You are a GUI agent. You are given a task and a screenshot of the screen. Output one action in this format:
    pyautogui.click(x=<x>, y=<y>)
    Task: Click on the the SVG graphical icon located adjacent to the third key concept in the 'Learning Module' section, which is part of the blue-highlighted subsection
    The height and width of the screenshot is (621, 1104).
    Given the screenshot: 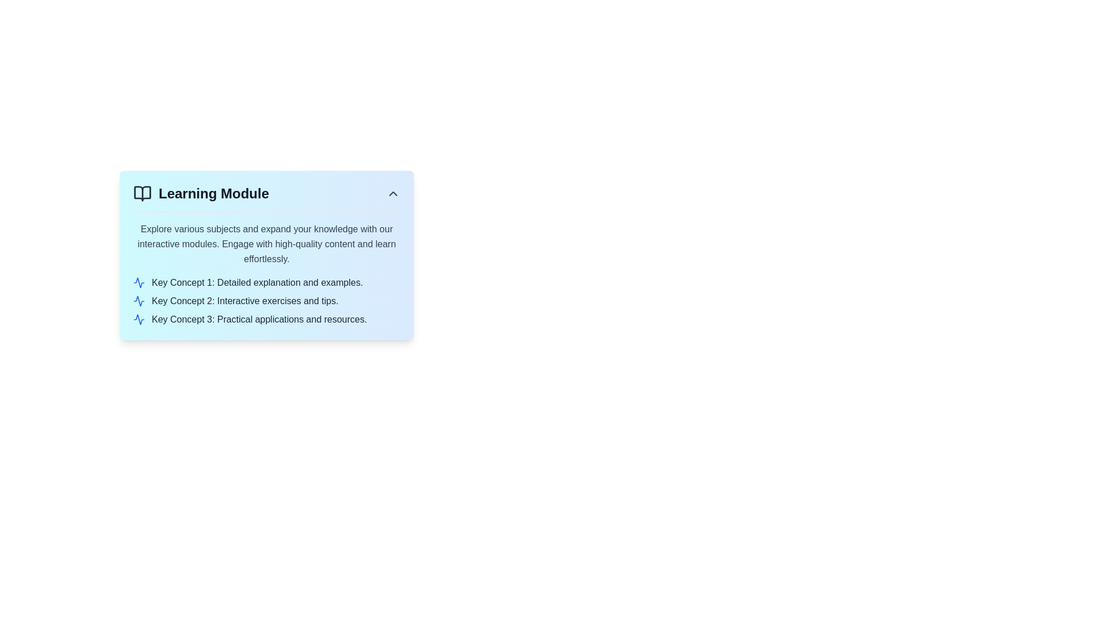 What is the action you would take?
    pyautogui.click(x=138, y=319)
    